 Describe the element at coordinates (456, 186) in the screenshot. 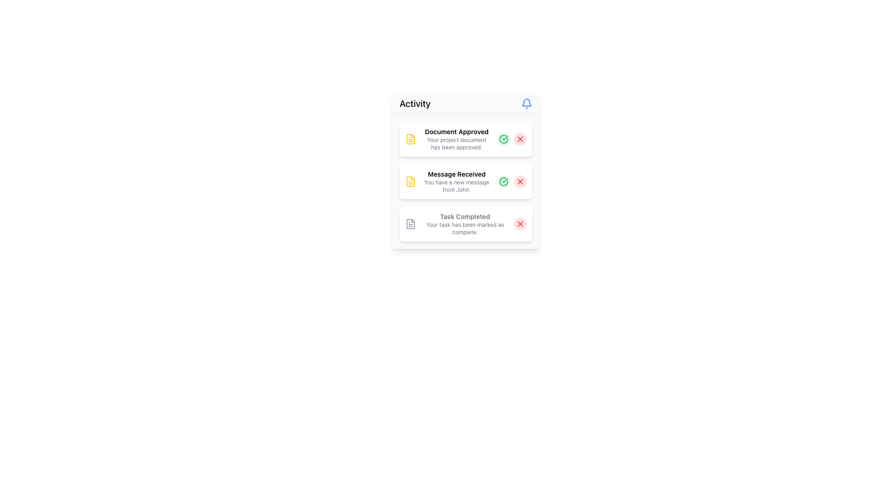

I see `text component stating 'You have a new message from John.' which is displayed in gray below the bolded title 'Message Received' in the notification card` at that location.